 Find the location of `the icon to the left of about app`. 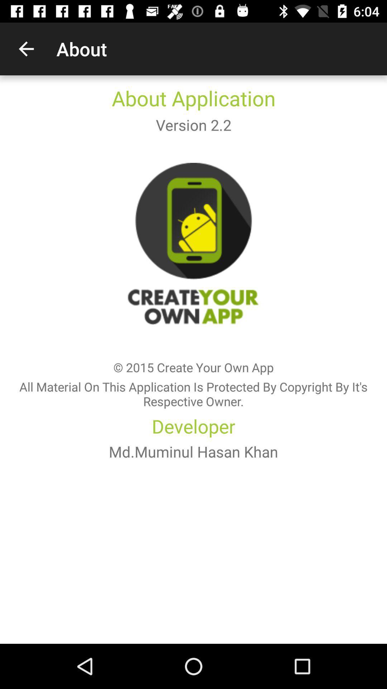

the icon to the left of about app is located at coordinates (26, 48).